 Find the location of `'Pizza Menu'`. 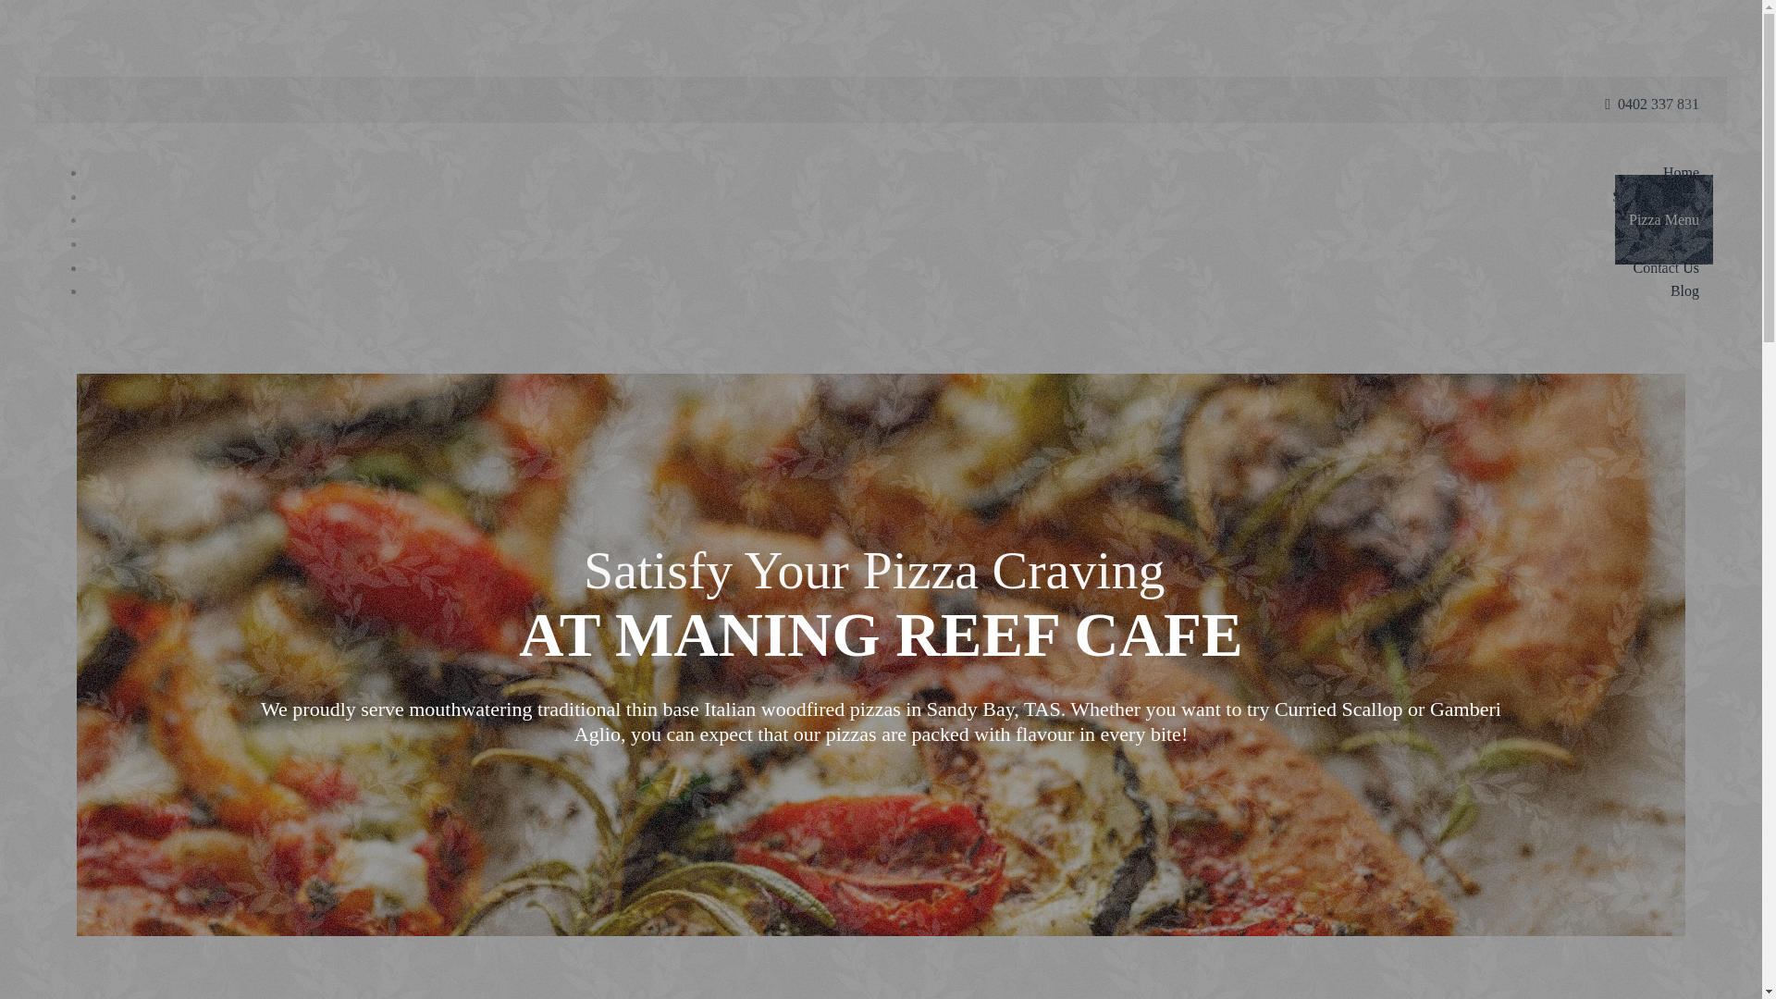

'Pizza Menu' is located at coordinates (1664, 218).